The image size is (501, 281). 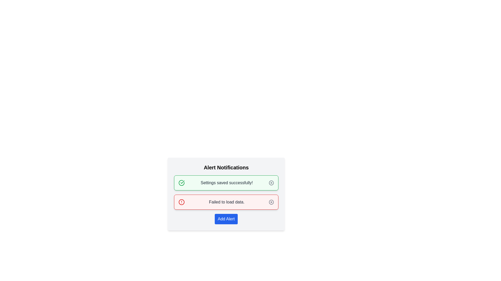 What do you see at coordinates (226, 202) in the screenshot?
I see `the text label displaying 'Failed to load data.' which indicates an error alert in dark gray font on a light red background, located in the second alert box below the 'Settings saved successfully!' message` at bounding box center [226, 202].